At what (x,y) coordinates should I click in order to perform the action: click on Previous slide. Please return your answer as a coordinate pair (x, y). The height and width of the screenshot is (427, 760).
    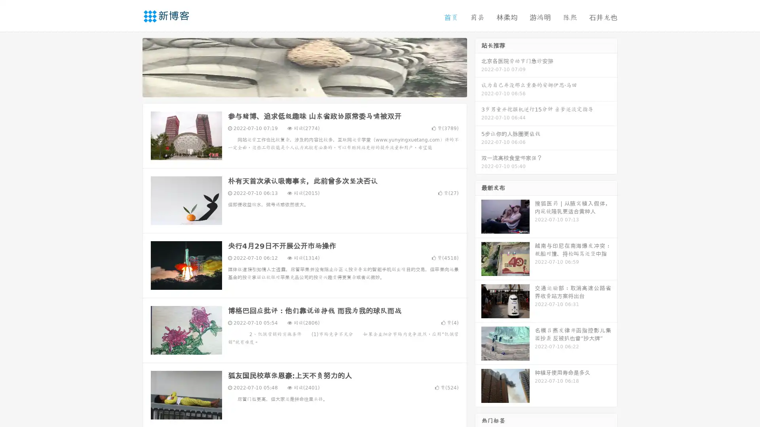
    Looking at the image, I should click on (131, 66).